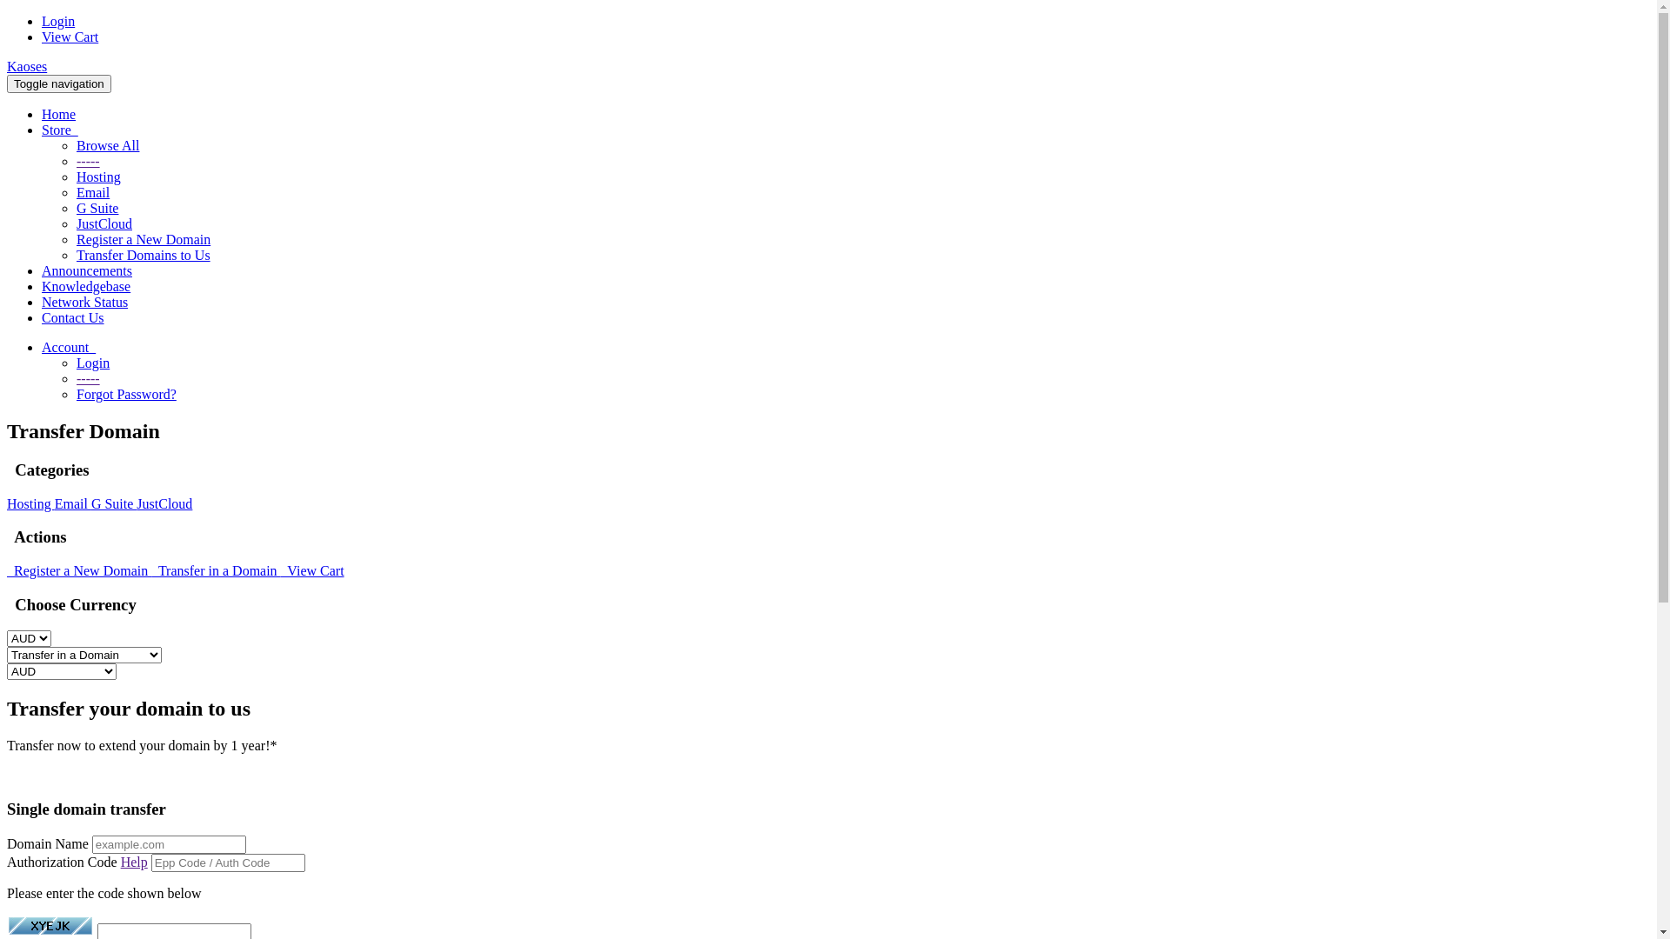  Describe the element at coordinates (125, 394) in the screenshot. I see `'Forgot Password?'` at that location.